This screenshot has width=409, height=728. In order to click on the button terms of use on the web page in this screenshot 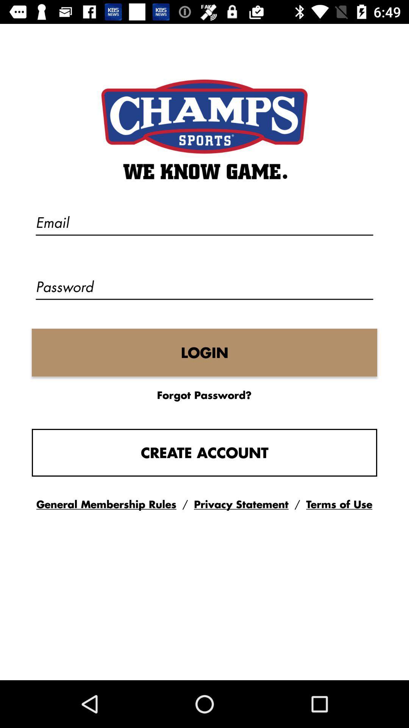, I will do `click(339, 504)`.